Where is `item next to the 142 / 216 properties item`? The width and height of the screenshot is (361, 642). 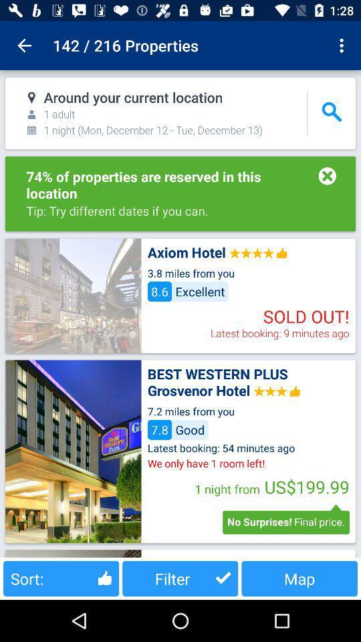 item next to the 142 / 216 properties item is located at coordinates (343, 45).